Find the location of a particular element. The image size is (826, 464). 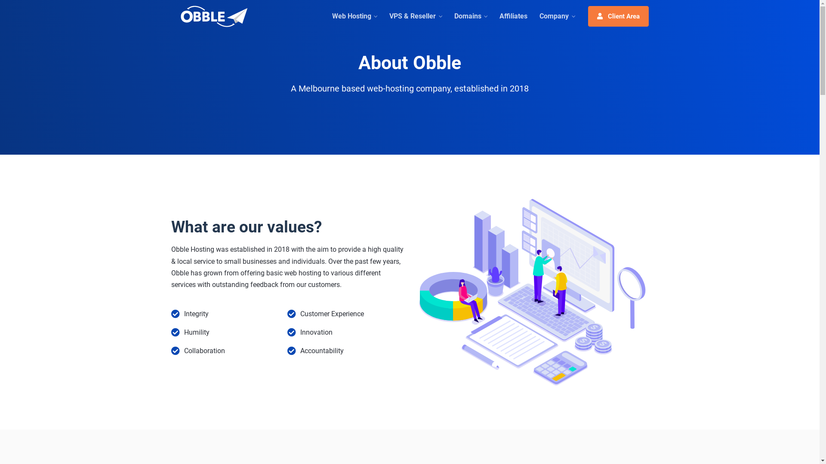

'Domains' is located at coordinates (470, 16).